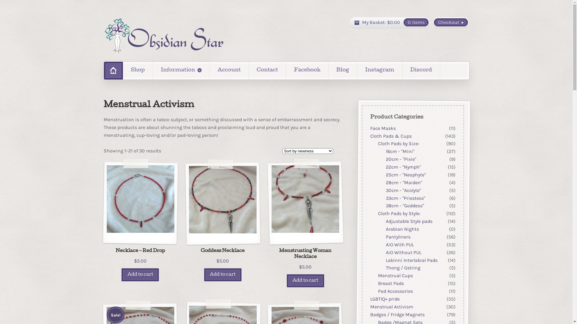 The image size is (577, 324). Describe the element at coordinates (369, 299) in the screenshot. I see `'LGBTIQ+ pride'` at that location.